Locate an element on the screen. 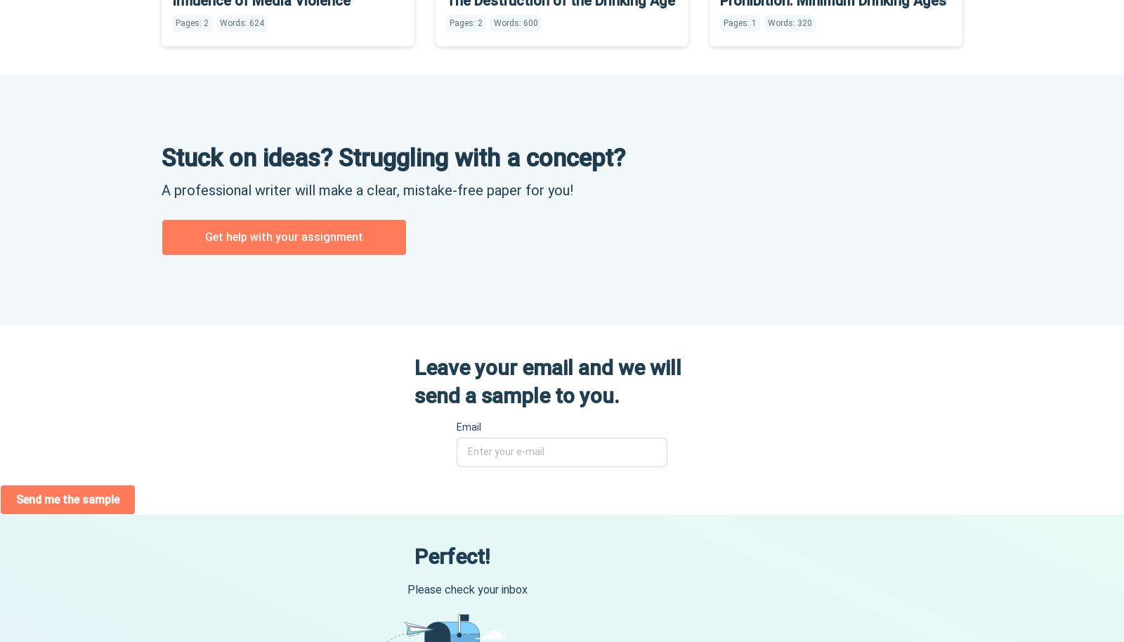  'Words: 320' is located at coordinates (790, 22).